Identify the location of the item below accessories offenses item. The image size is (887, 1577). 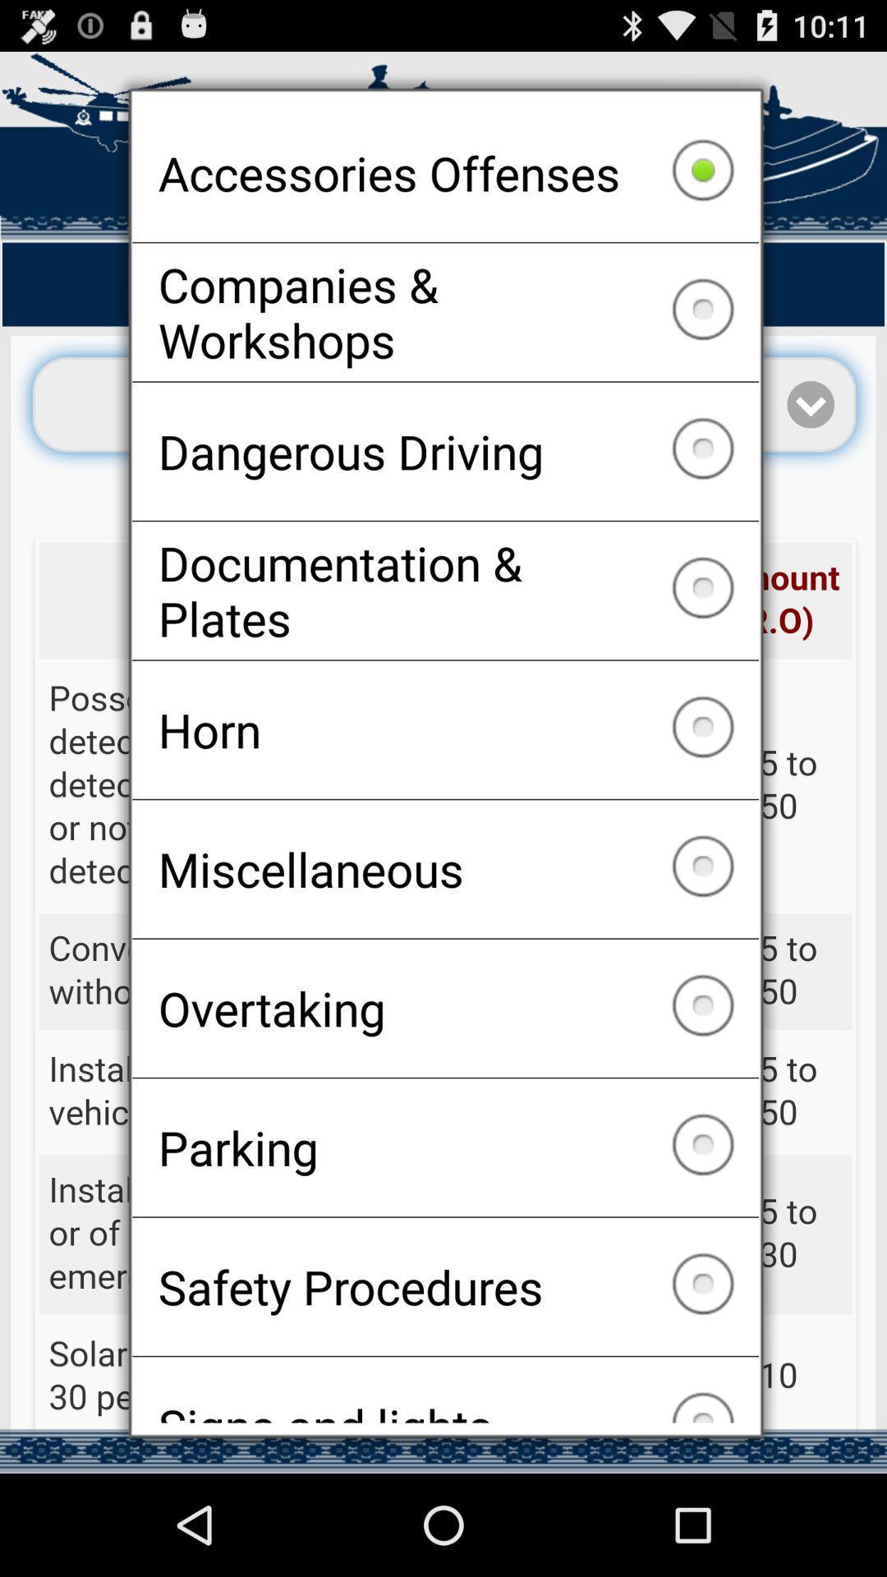
(445, 312).